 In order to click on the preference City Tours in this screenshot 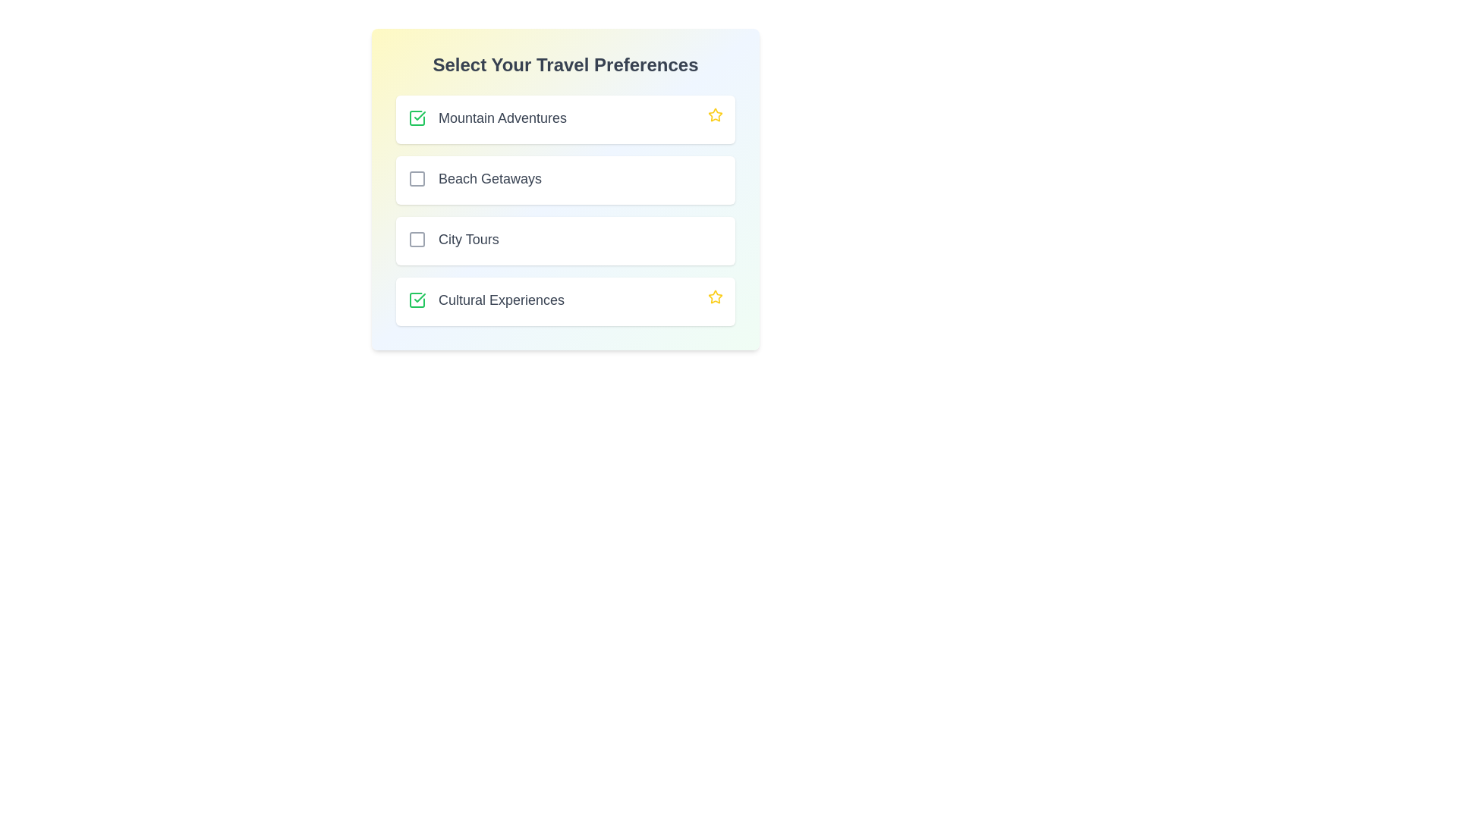, I will do `click(417, 239)`.